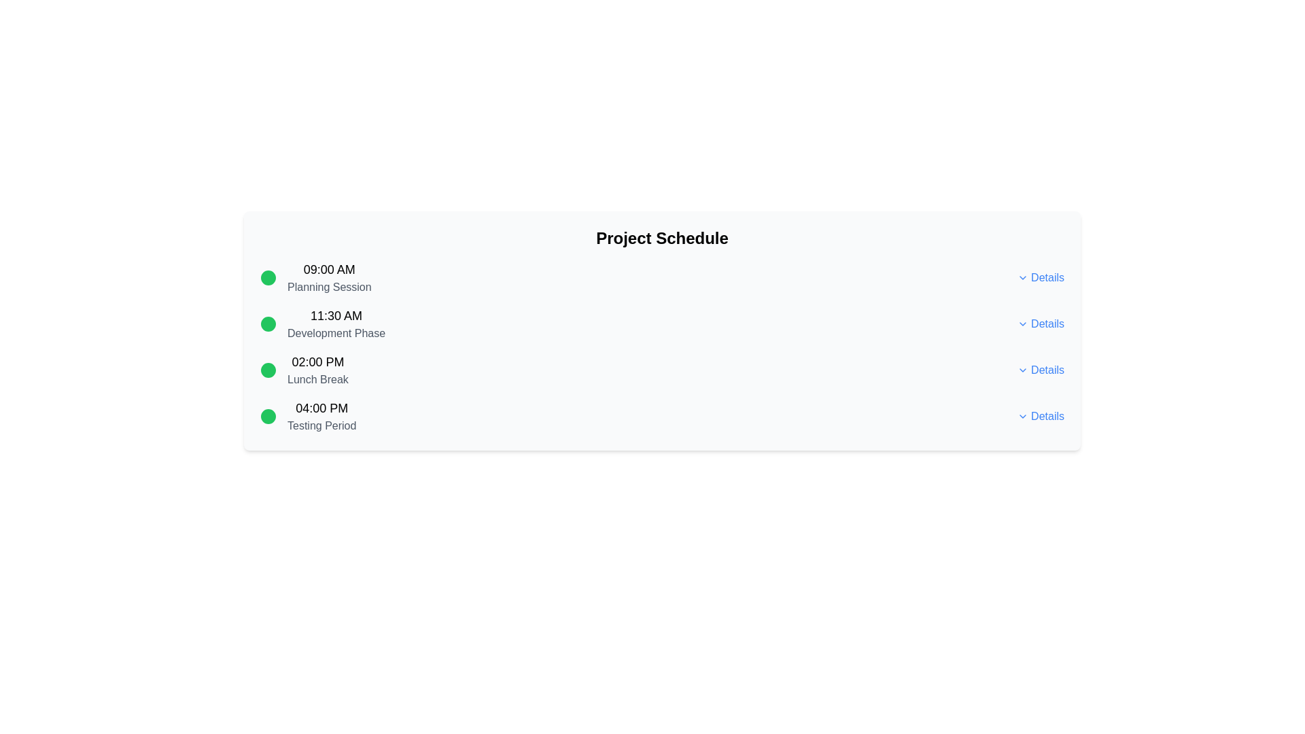 This screenshot has height=734, width=1305. I want to click on the temporal marker text indicating the scheduled time for the 'Testing Period' within the fourth timeline item in the 'Project Schedule' section, so click(321, 408).